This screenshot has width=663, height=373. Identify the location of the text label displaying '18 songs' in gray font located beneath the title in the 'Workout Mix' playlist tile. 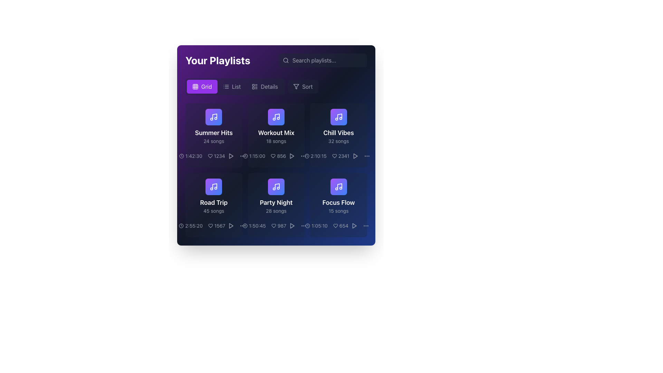
(276, 141).